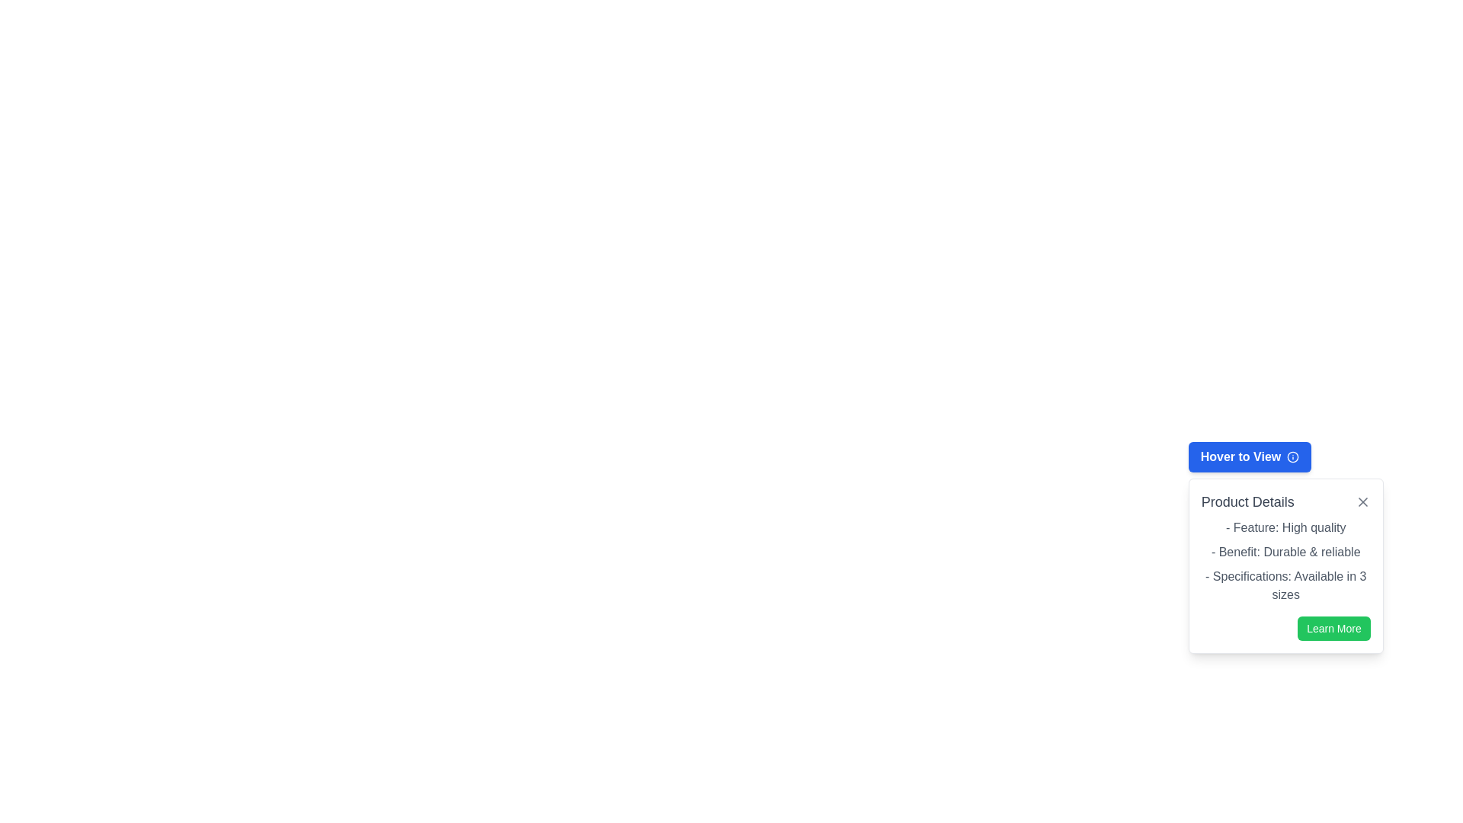 The height and width of the screenshot is (823, 1463). I want to click on the close icon button located at the top-right corner of the 'Product Details' popup card to trigger highlighting or tooltips, so click(1362, 502).